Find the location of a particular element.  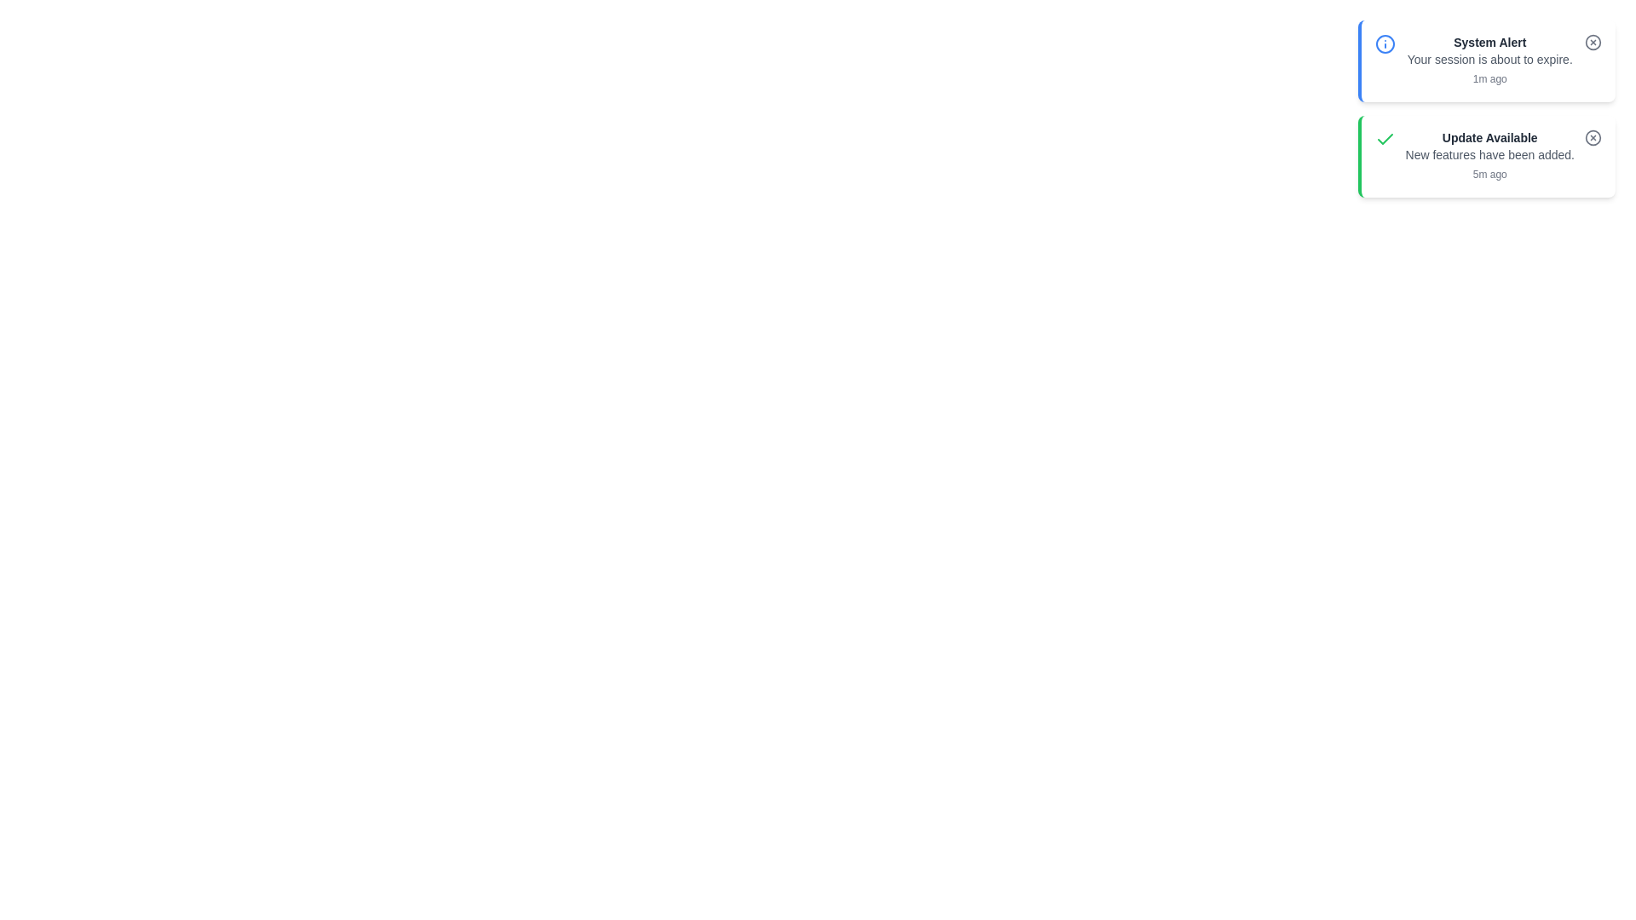

the title of the notification to read it is located at coordinates (1489, 42).